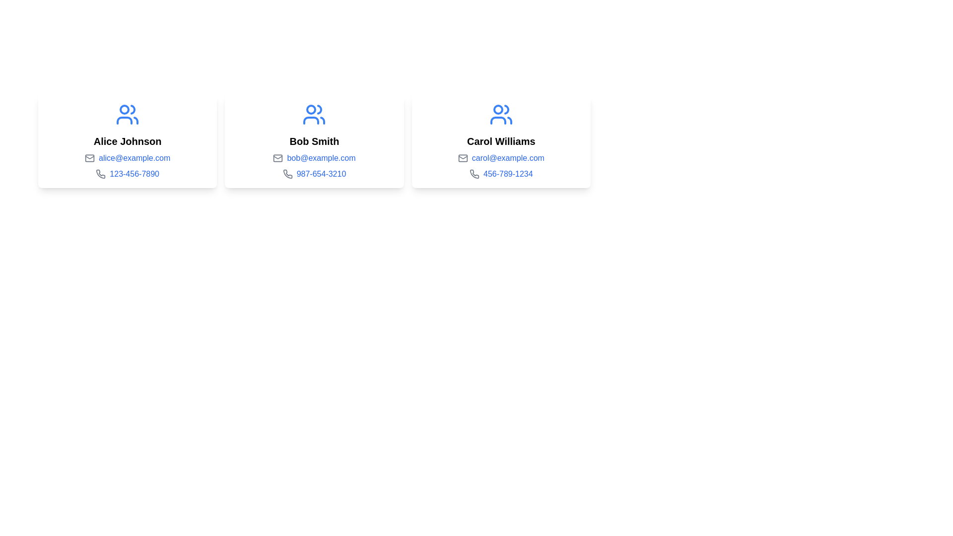 Image resolution: width=953 pixels, height=536 pixels. I want to click on the email icon that resembles an envelope, located beneath 'Alice Johnson' and adjacent to 'alice@example.com', so click(90, 158).